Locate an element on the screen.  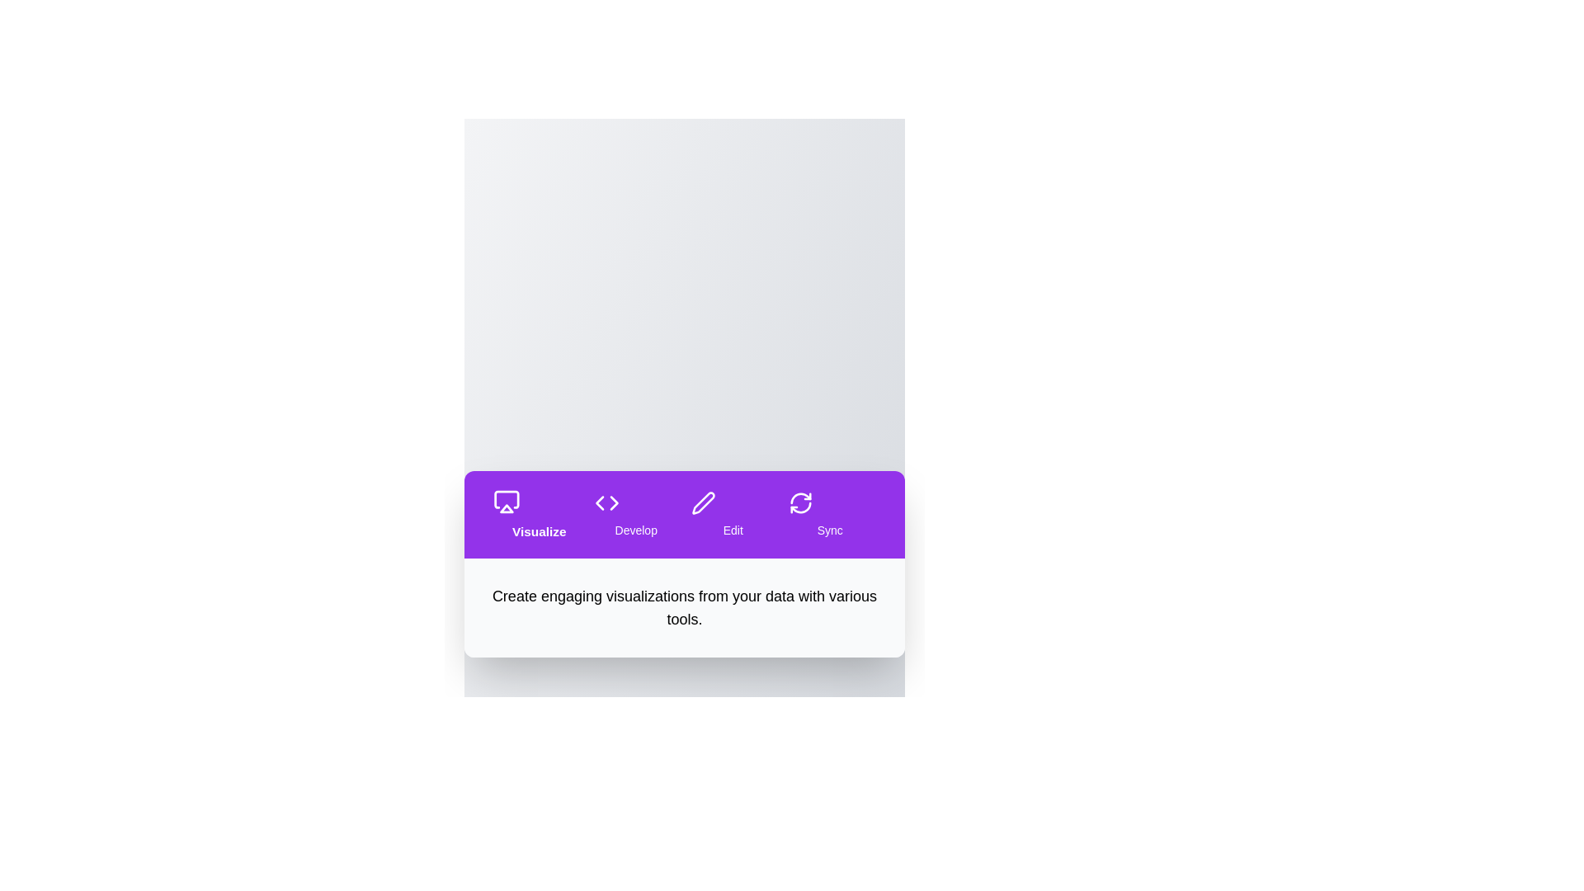
the tab labeled Visualize to navigate to its section is located at coordinates (539, 514).